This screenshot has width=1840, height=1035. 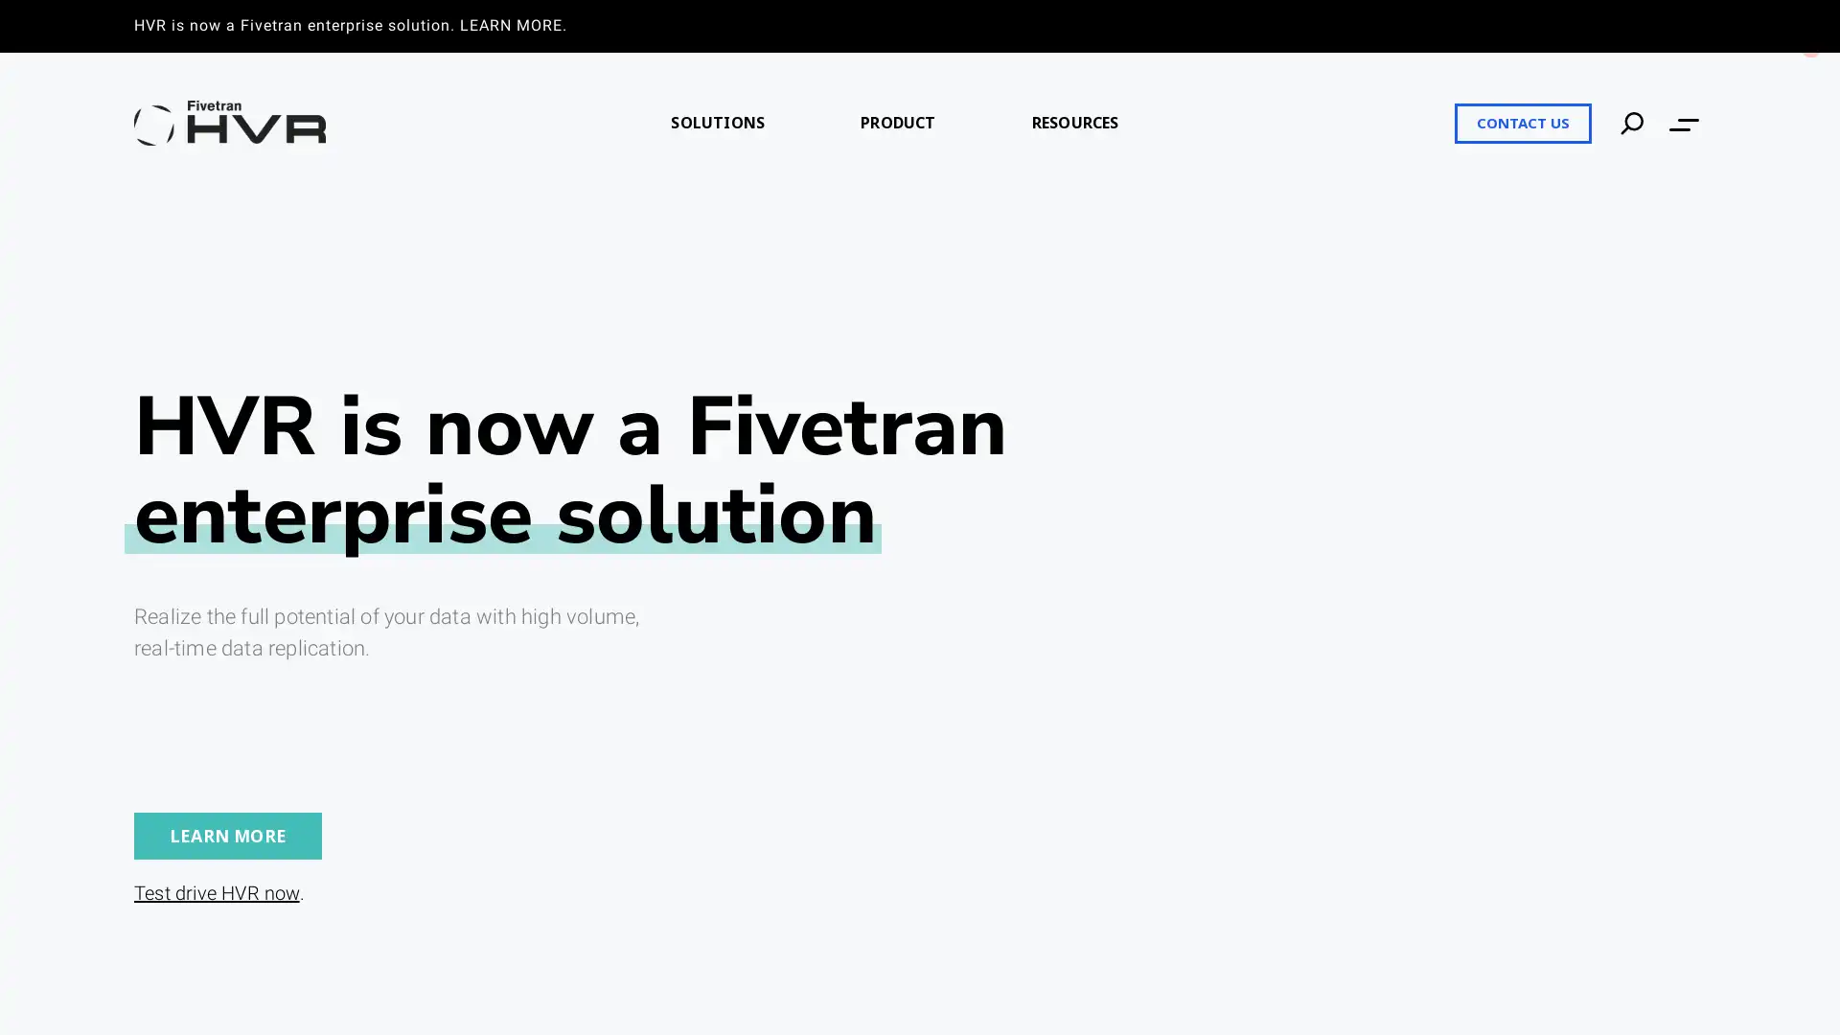 What do you see at coordinates (1631, 122) in the screenshot?
I see `TOGGLE SEARCH` at bounding box center [1631, 122].